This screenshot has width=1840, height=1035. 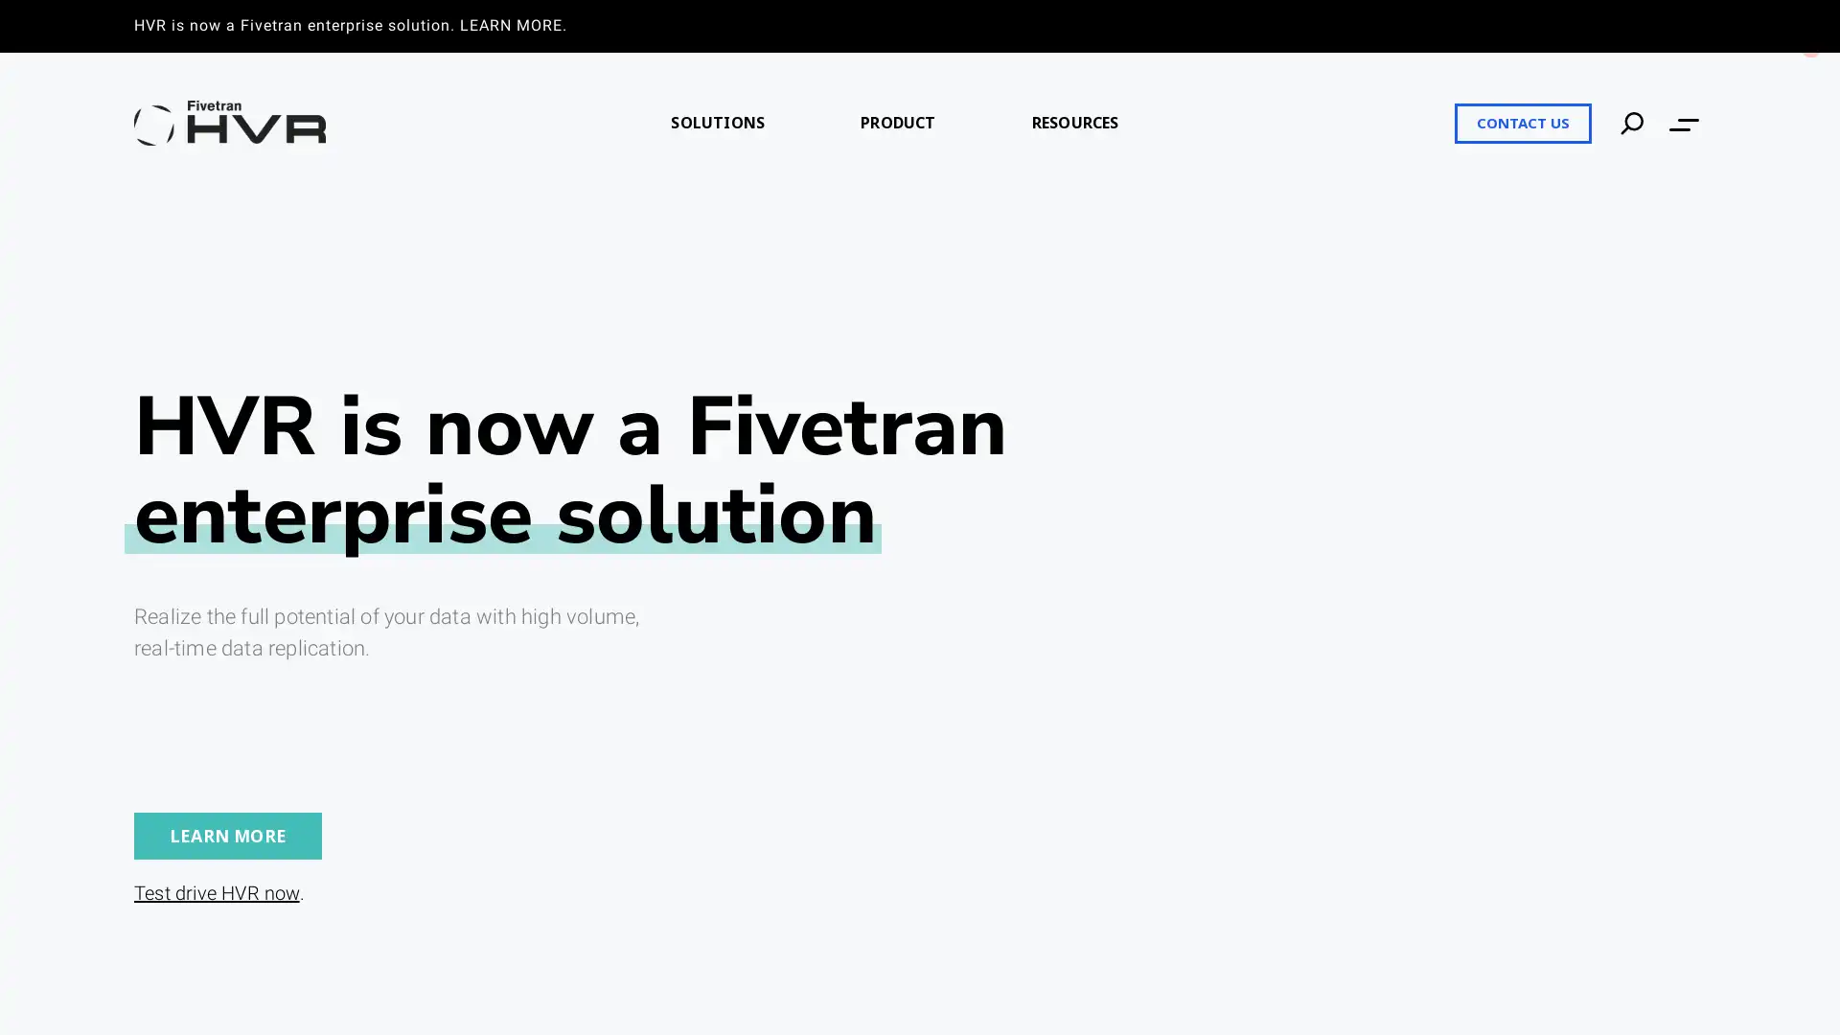 What do you see at coordinates (1631, 122) in the screenshot?
I see `TOGGLE SEARCH` at bounding box center [1631, 122].